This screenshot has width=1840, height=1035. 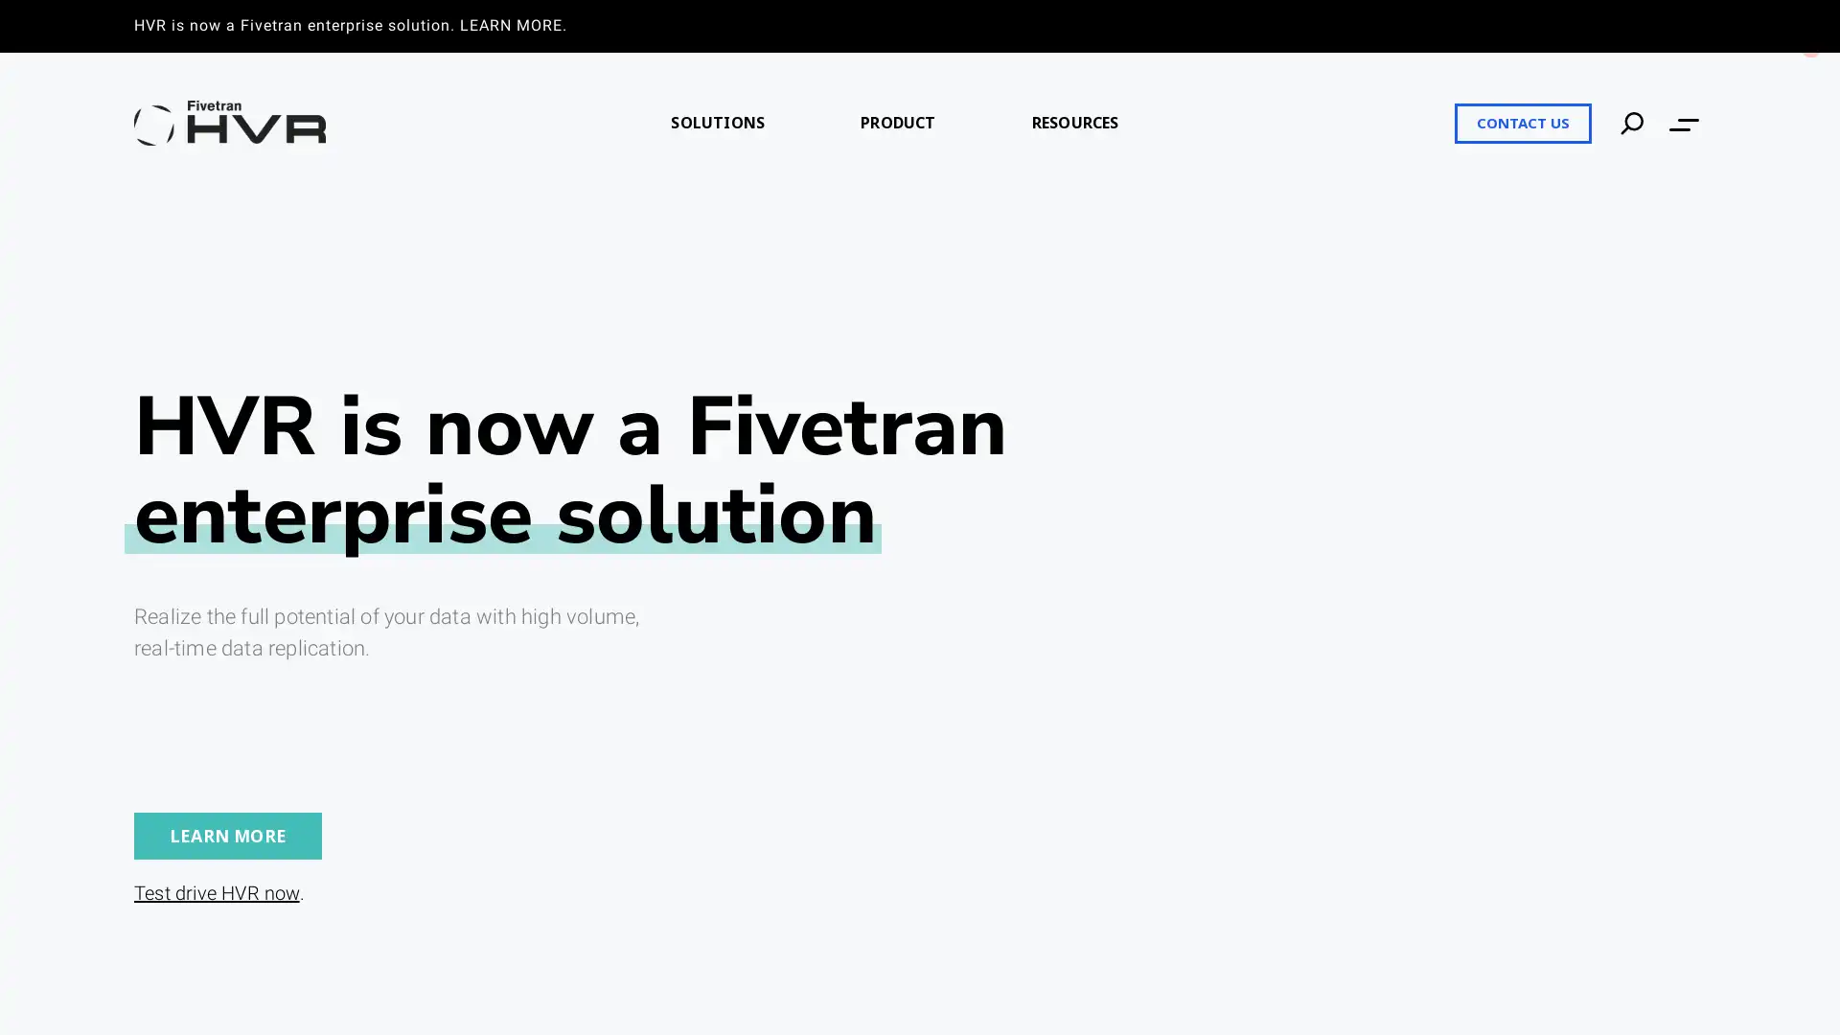 What do you see at coordinates (1631, 122) in the screenshot?
I see `TOGGLE SEARCH` at bounding box center [1631, 122].